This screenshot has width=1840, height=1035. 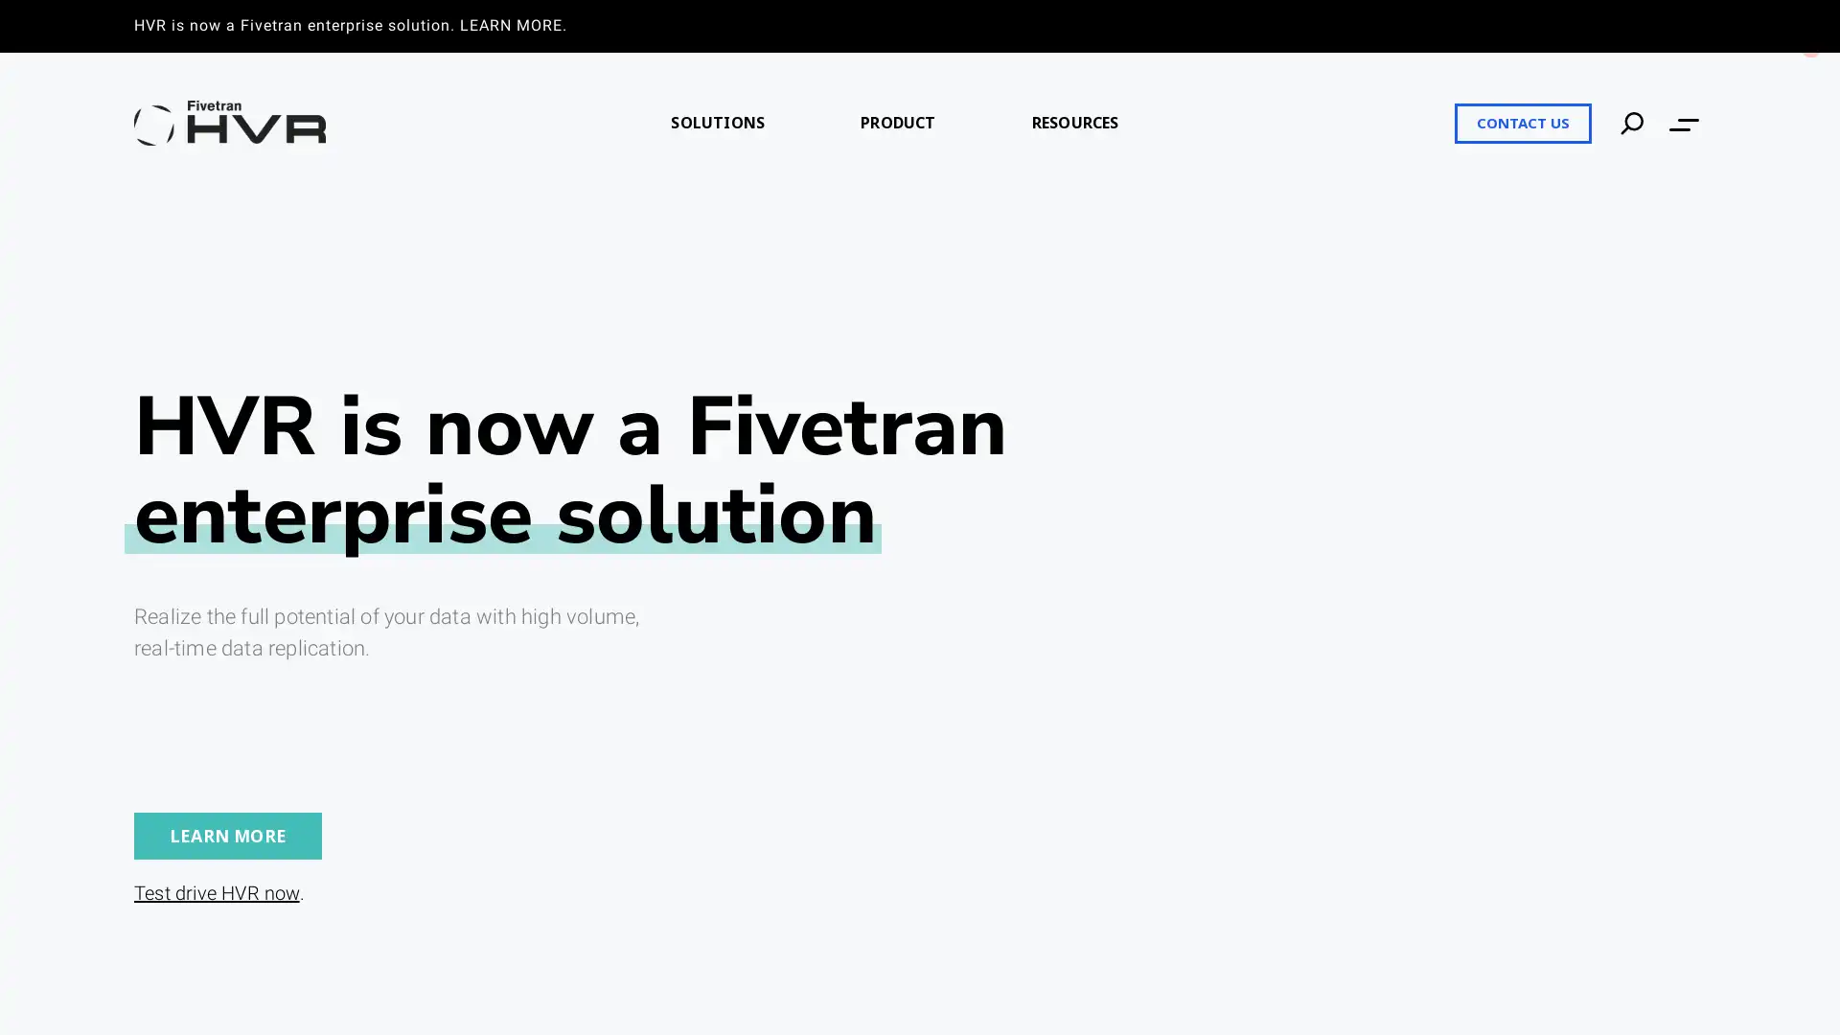 What do you see at coordinates (1631, 122) in the screenshot?
I see `TOGGLE SEARCH` at bounding box center [1631, 122].